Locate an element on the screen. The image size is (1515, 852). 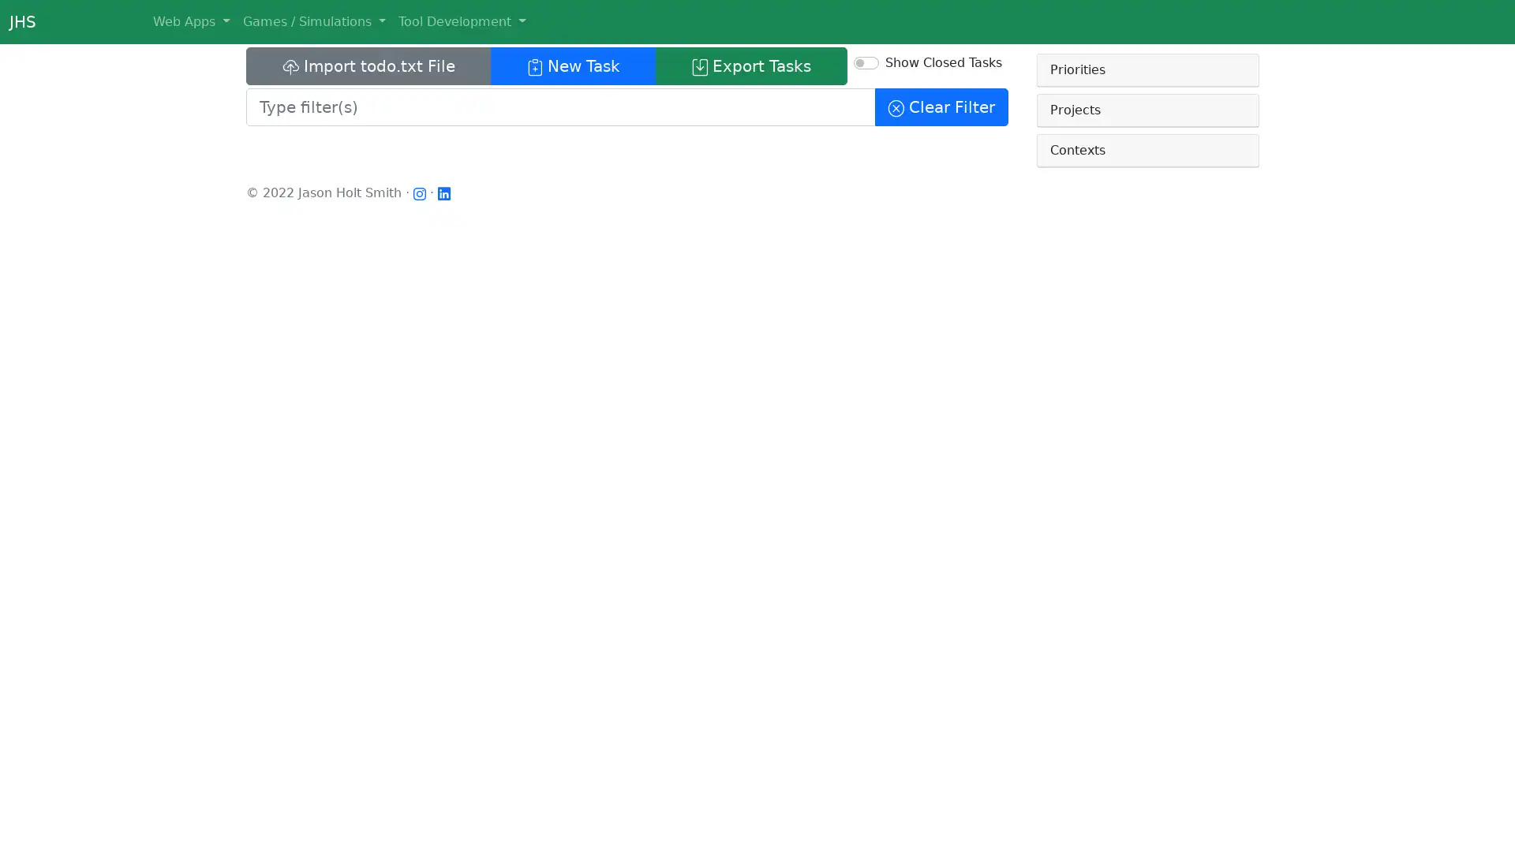
Tool Development is located at coordinates (461, 21).